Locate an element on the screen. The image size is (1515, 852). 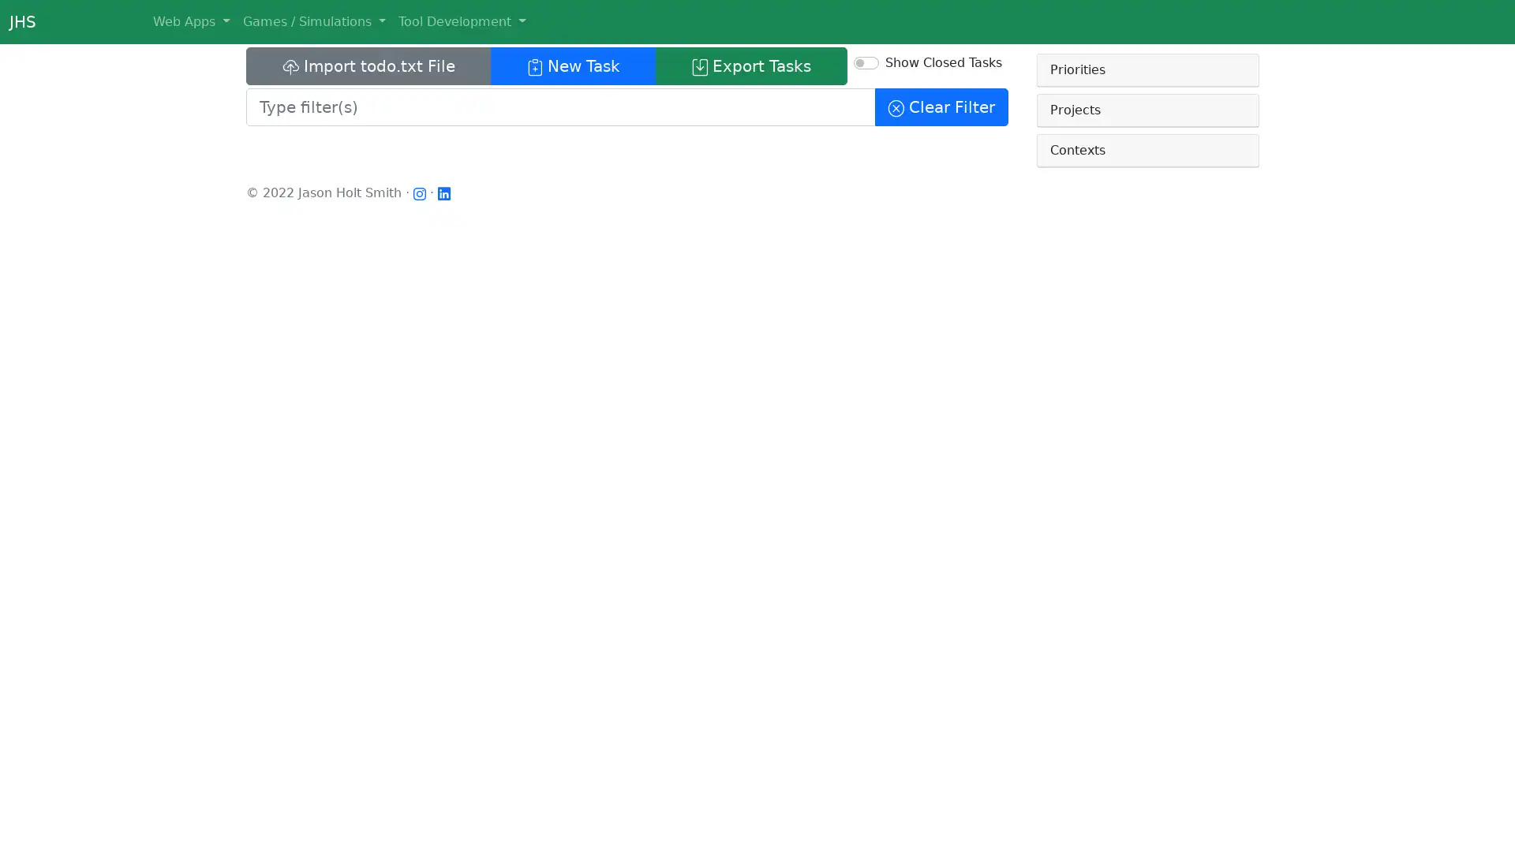
Tool Development is located at coordinates (461, 21).